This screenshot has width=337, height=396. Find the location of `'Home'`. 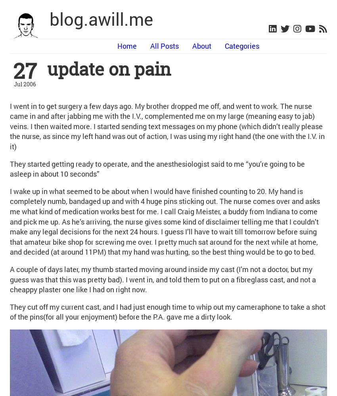

'Home' is located at coordinates (127, 46).